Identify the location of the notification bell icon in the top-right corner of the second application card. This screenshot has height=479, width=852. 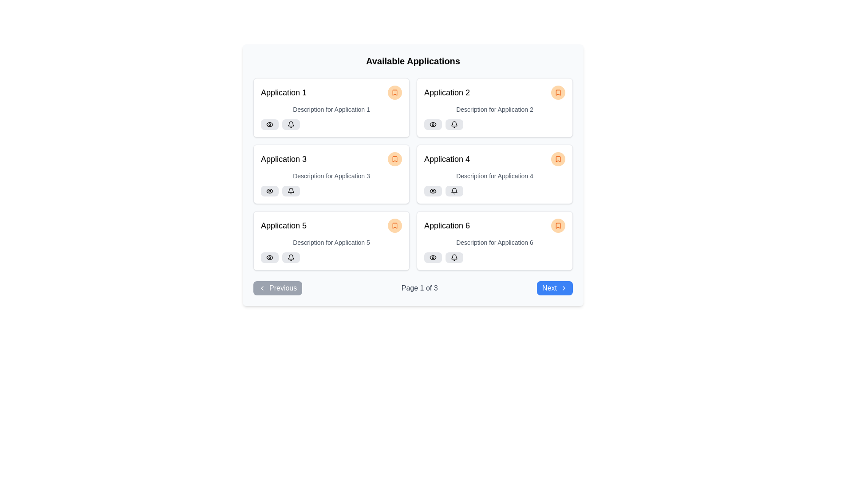
(454, 124).